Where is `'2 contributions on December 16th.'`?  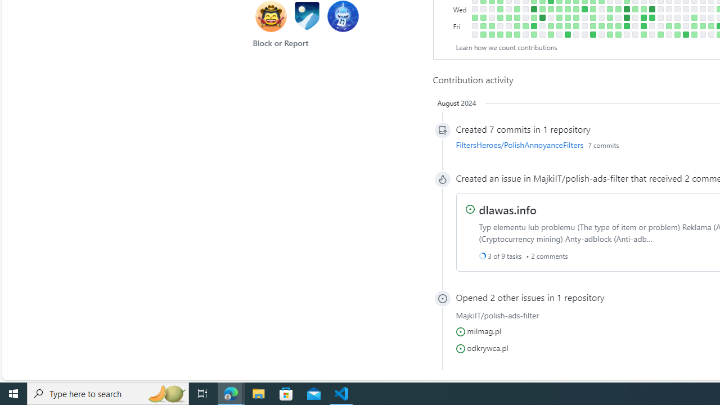
'2 contributions on December 16th.' is located at coordinates (609, 34).